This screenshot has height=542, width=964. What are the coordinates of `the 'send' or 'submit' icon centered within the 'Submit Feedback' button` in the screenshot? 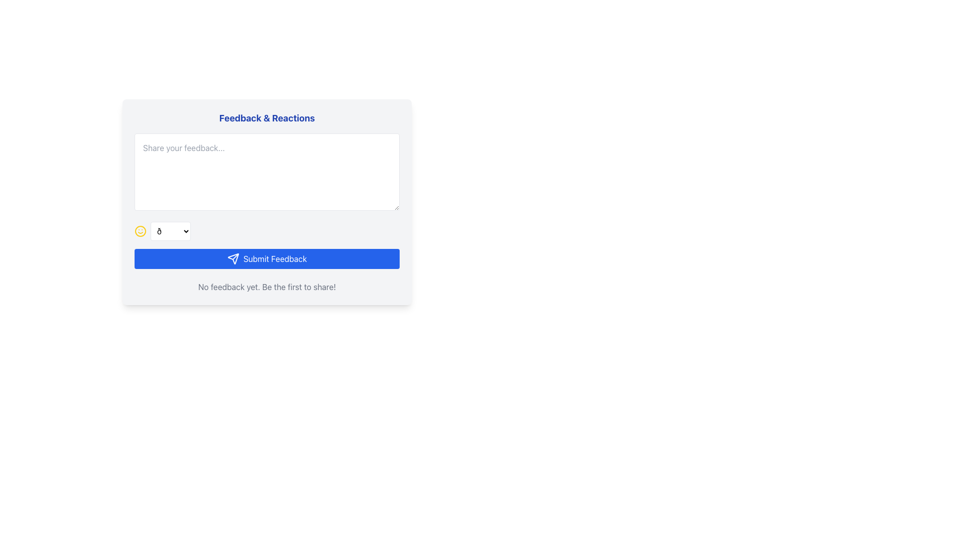 It's located at (232, 258).